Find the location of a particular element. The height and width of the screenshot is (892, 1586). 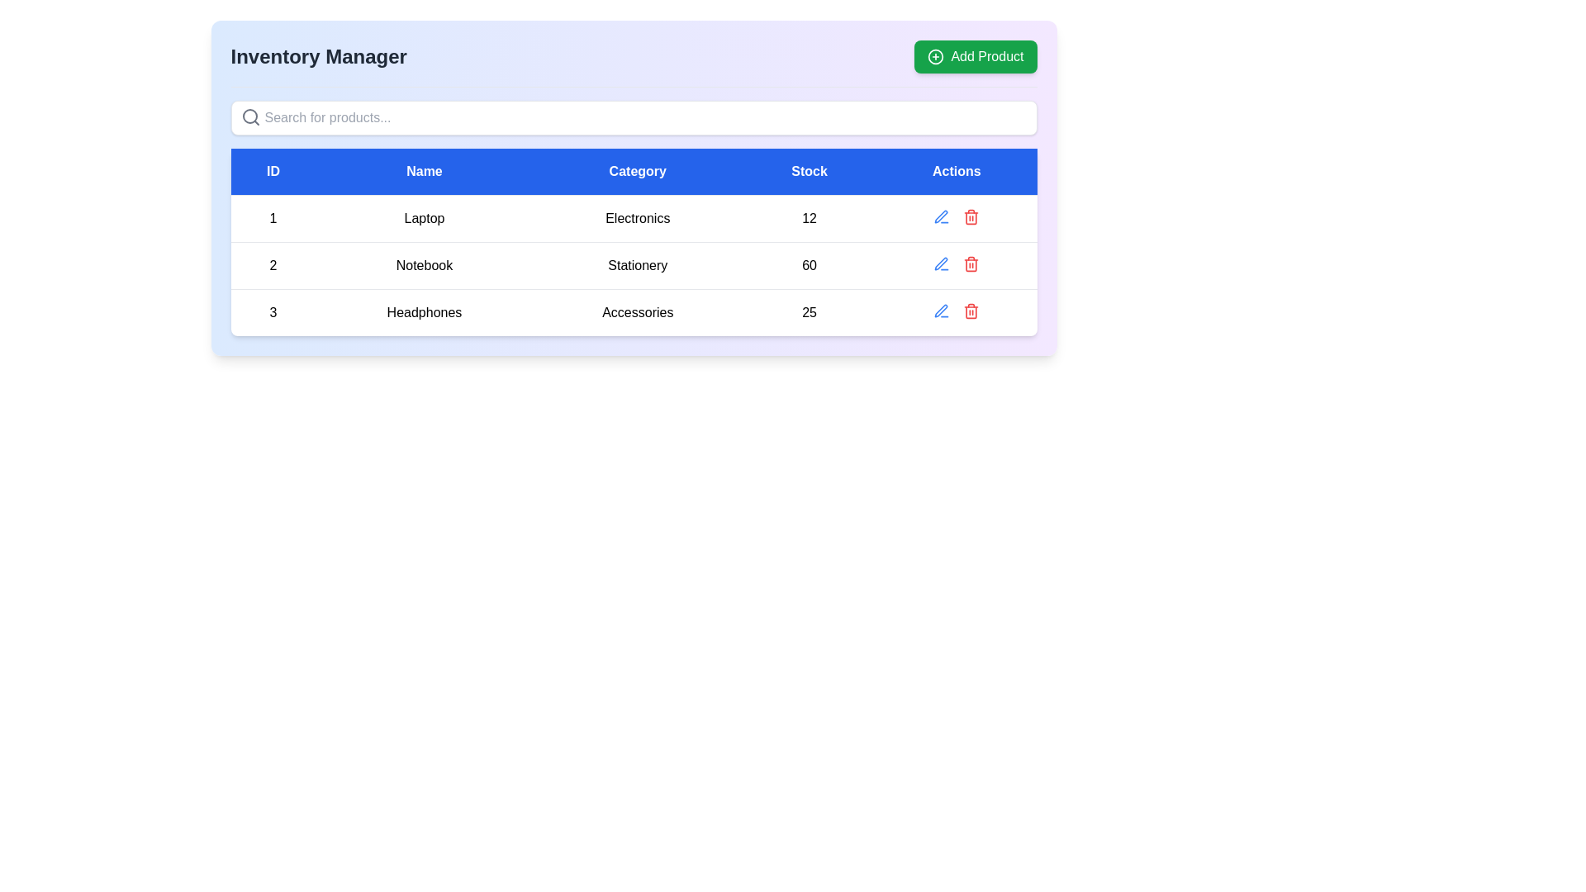

the trash bin icon in the 'Actions' column of the third row is located at coordinates (971, 264).